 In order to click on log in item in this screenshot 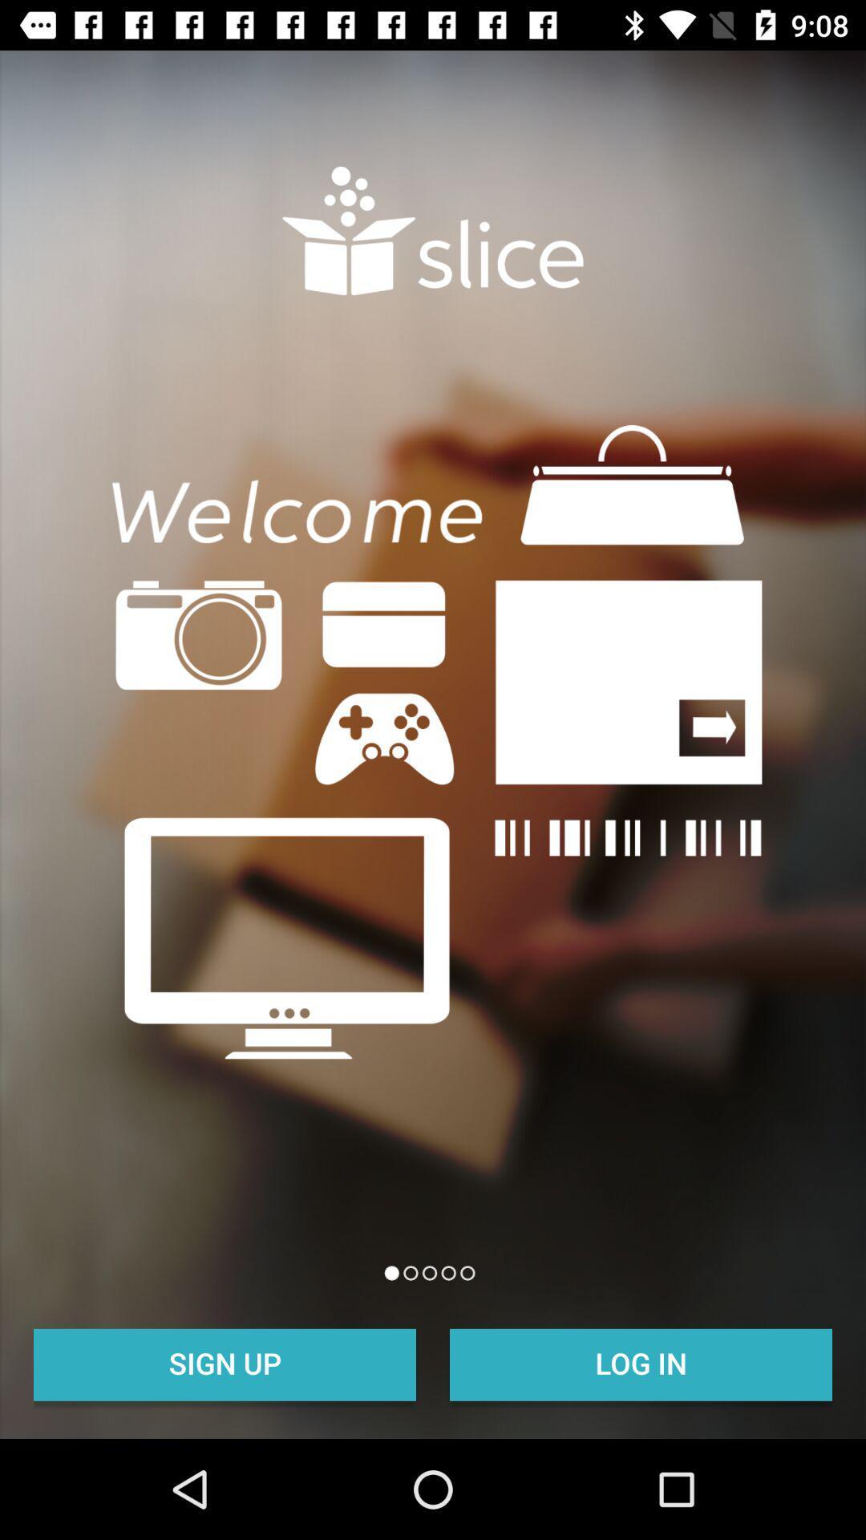, I will do `click(640, 1362)`.